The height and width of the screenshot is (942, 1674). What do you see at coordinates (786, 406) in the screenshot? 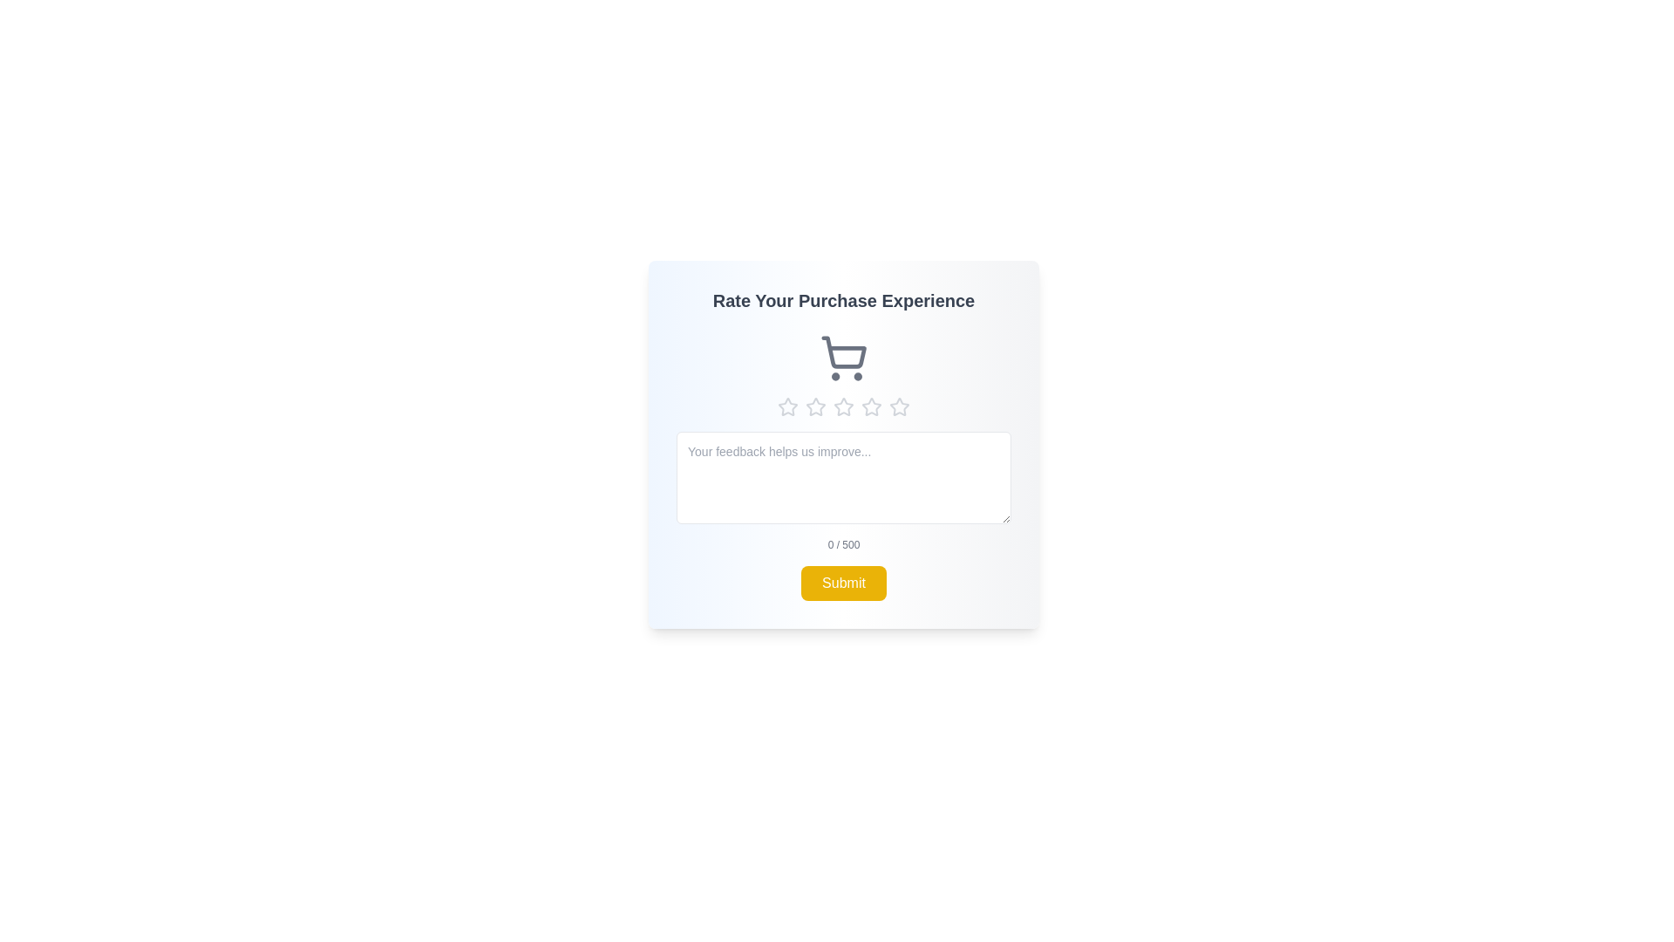
I see `the star corresponding to the desired rating of 1` at bounding box center [786, 406].